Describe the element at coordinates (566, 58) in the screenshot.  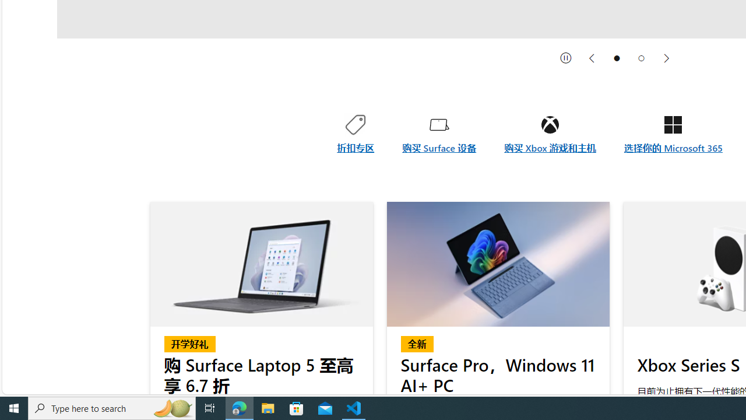
I see `'Pause'` at that location.